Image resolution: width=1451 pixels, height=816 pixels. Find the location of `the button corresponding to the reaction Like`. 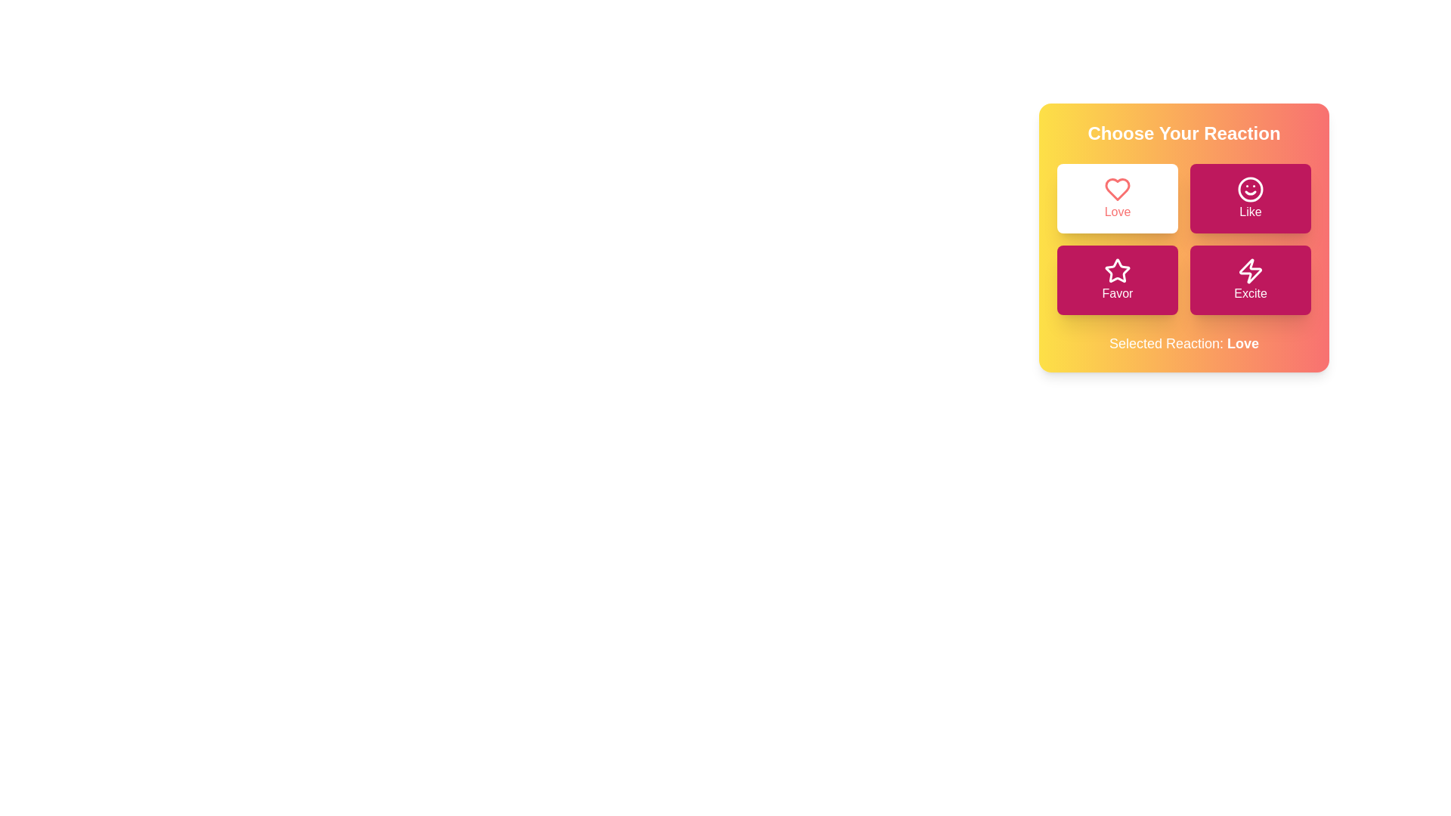

the button corresponding to the reaction Like is located at coordinates (1251, 197).